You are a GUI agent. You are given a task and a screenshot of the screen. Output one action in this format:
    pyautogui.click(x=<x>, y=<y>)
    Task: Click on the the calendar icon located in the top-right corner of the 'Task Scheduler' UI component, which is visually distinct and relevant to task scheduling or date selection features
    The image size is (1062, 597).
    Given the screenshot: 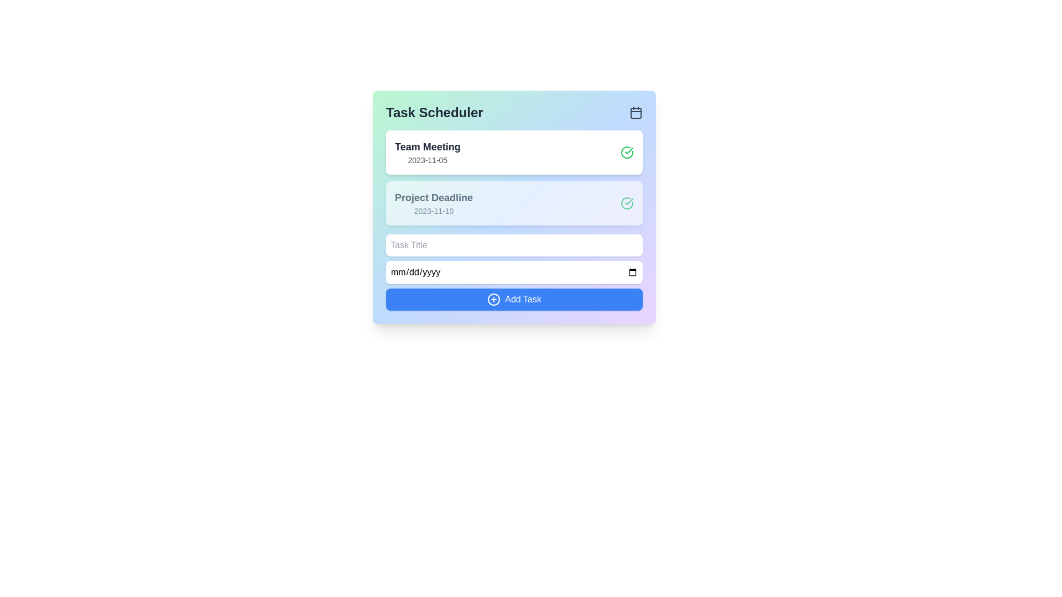 What is the action you would take?
    pyautogui.click(x=636, y=113)
    